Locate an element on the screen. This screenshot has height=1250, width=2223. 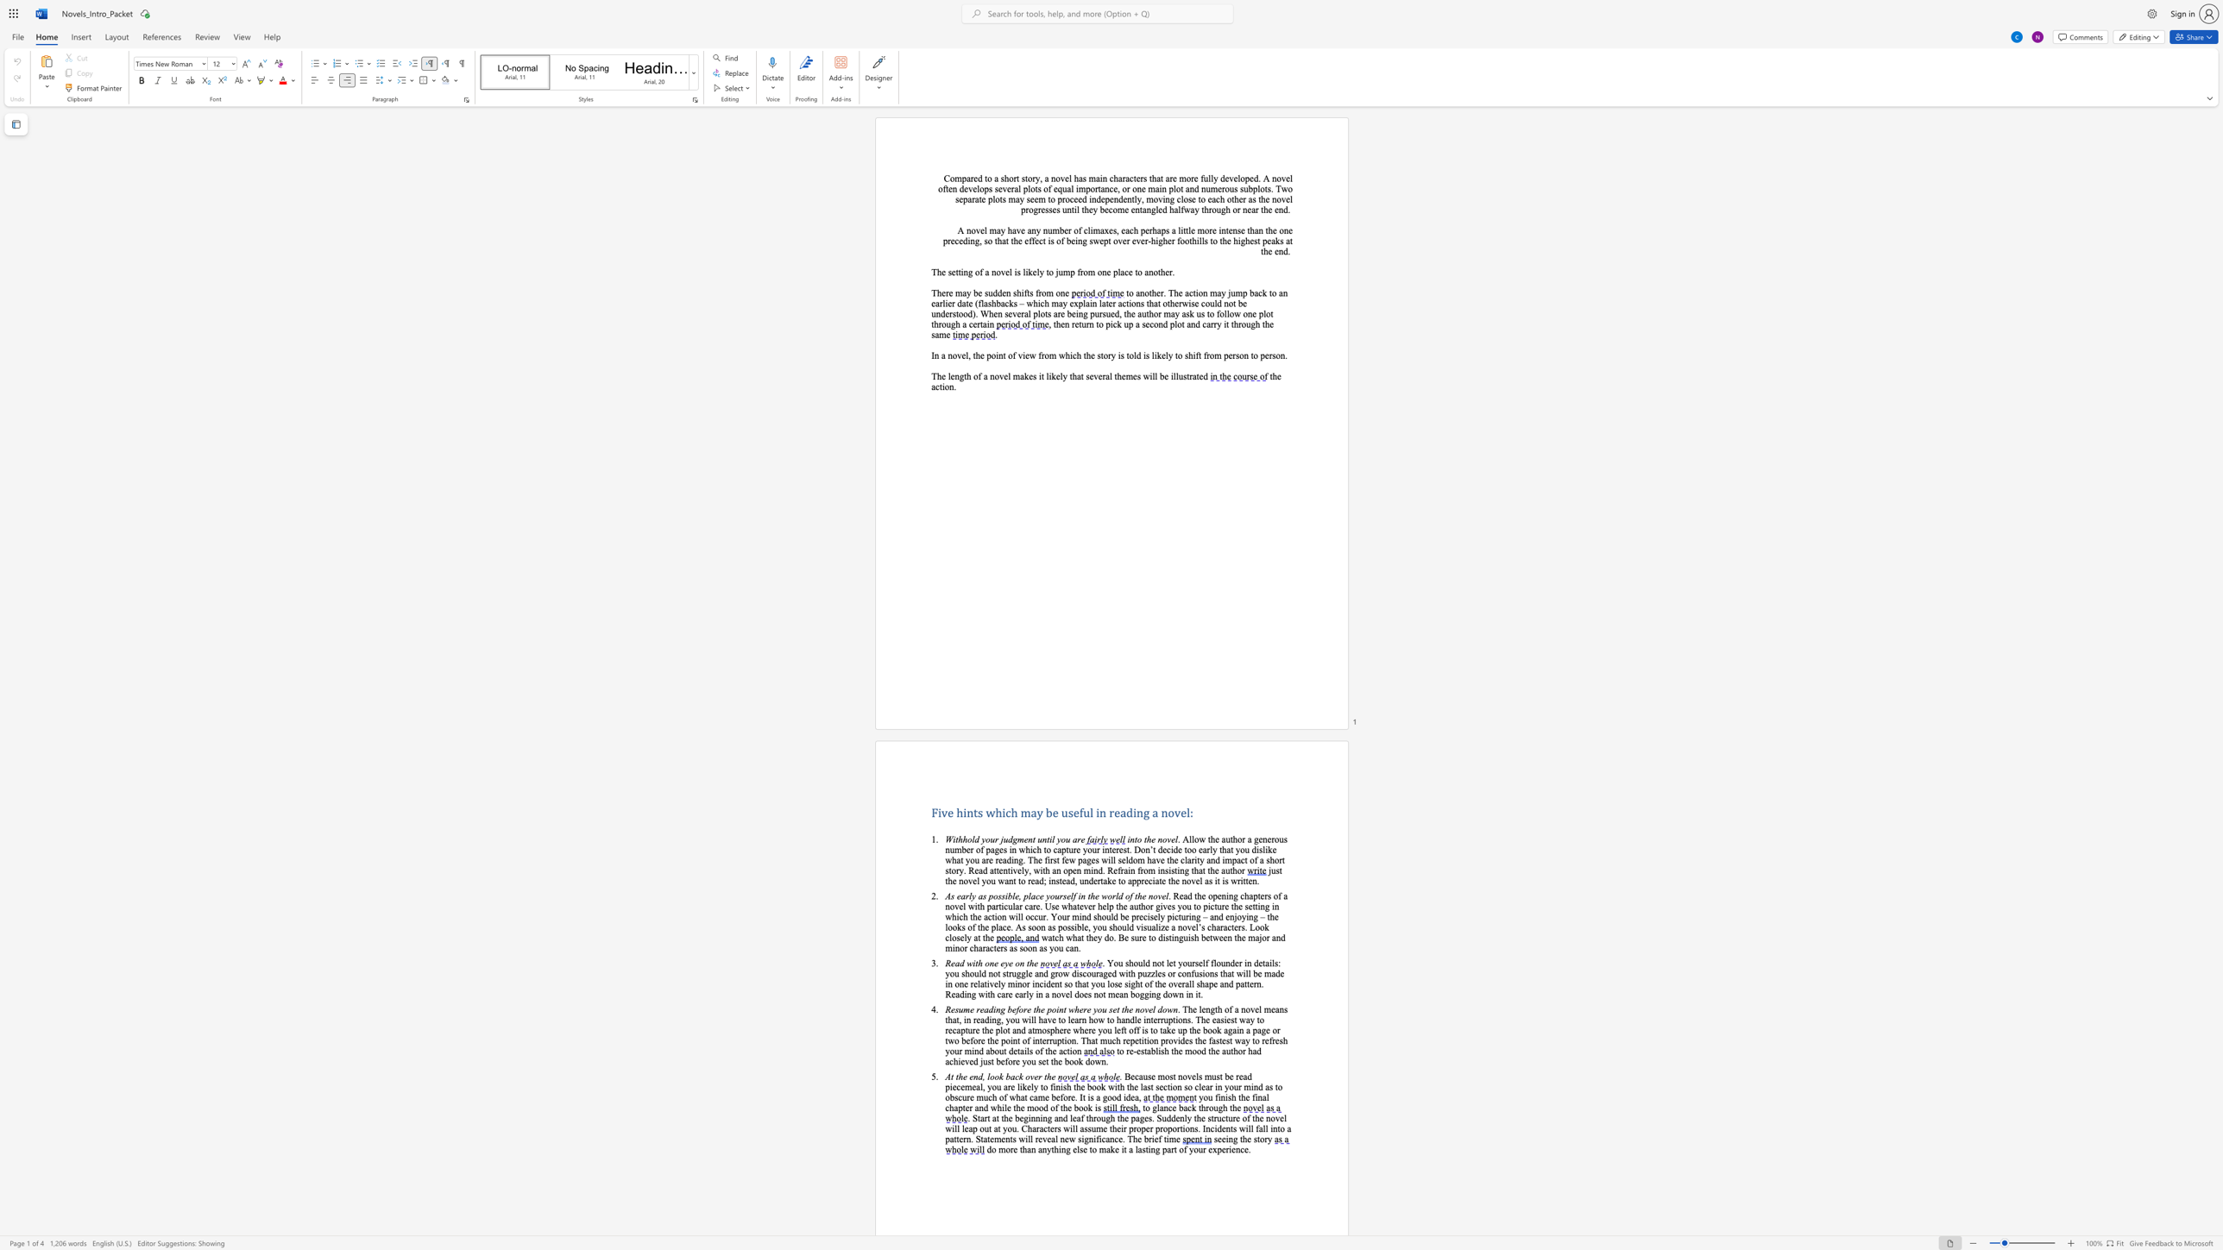
the subset text "ters as soon as" within the text "watch what they do. Be sure to distinguish between the major and minor characters as soon as you can." is located at coordinates (992, 946).